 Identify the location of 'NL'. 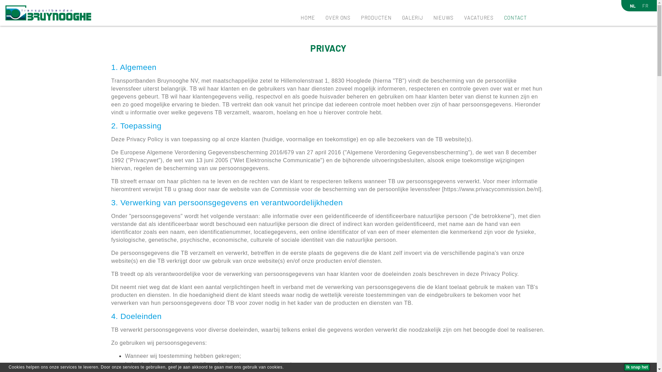
(632, 6).